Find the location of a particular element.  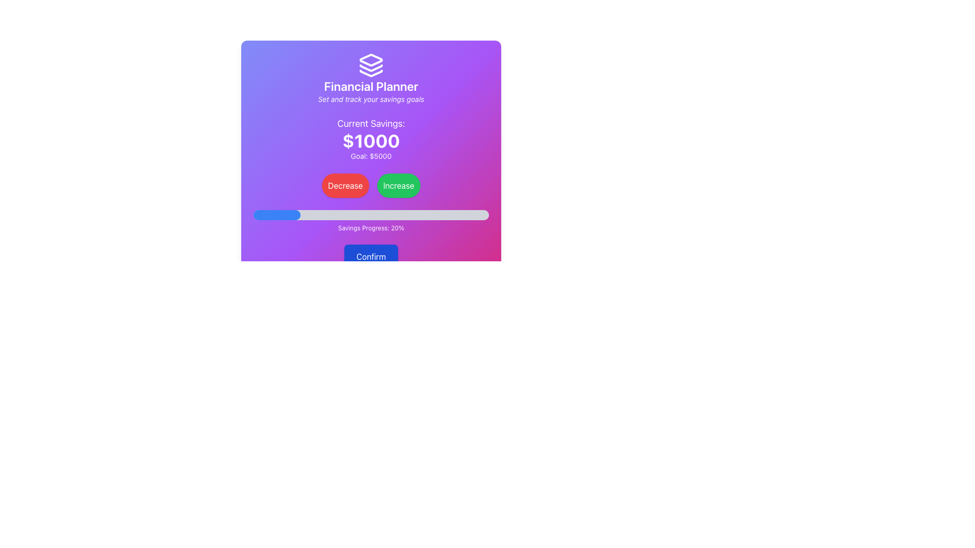

the decorative graphic symbol that visually represents layers or hierarchy in the financial planning application, located centrally above the 'Financial Planner' text is located at coordinates (370, 60).